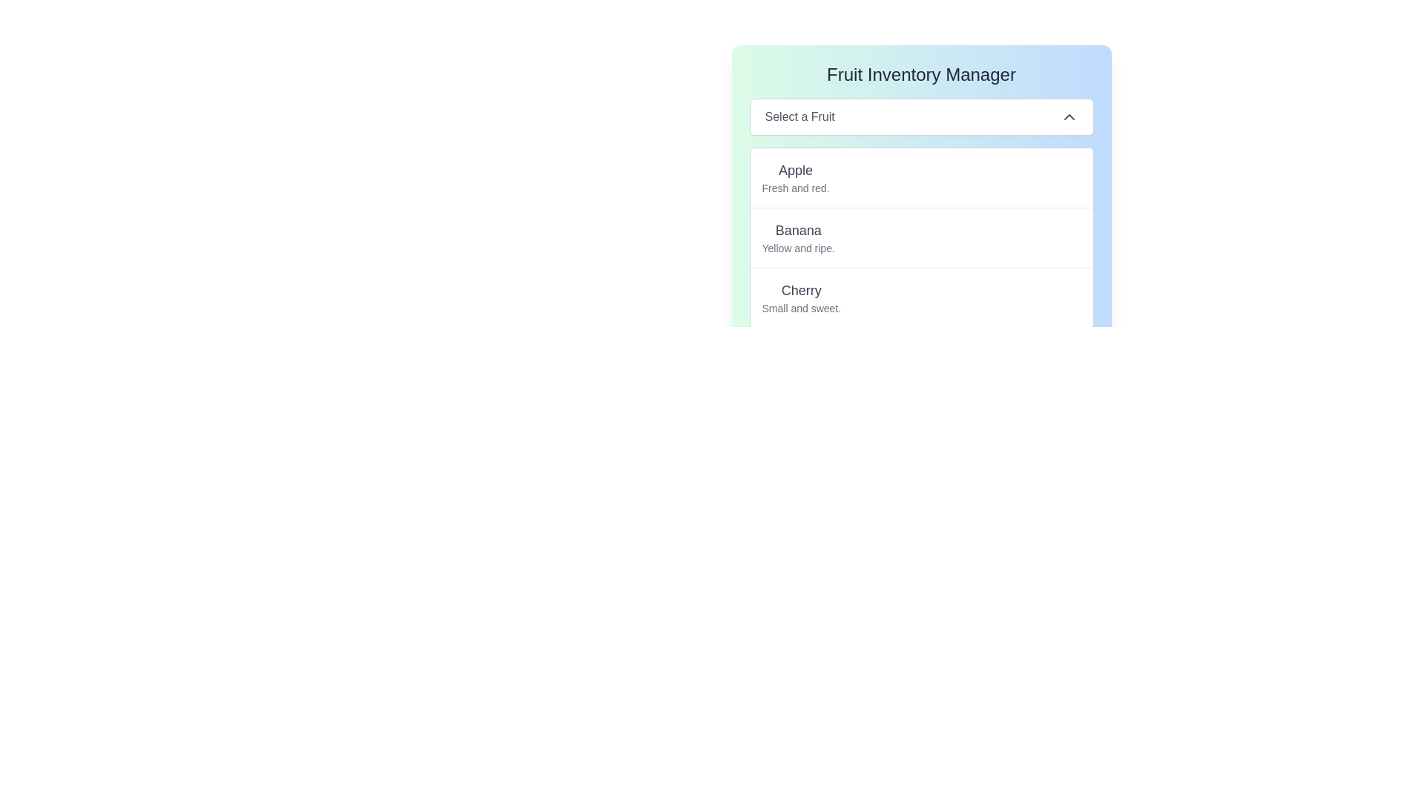 Image resolution: width=1424 pixels, height=801 pixels. What do you see at coordinates (920, 74) in the screenshot?
I see `the text label 'Fruit Inventory Manager', which is styled in a large font size and appears in dark gray on a gradient background` at bounding box center [920, 74].